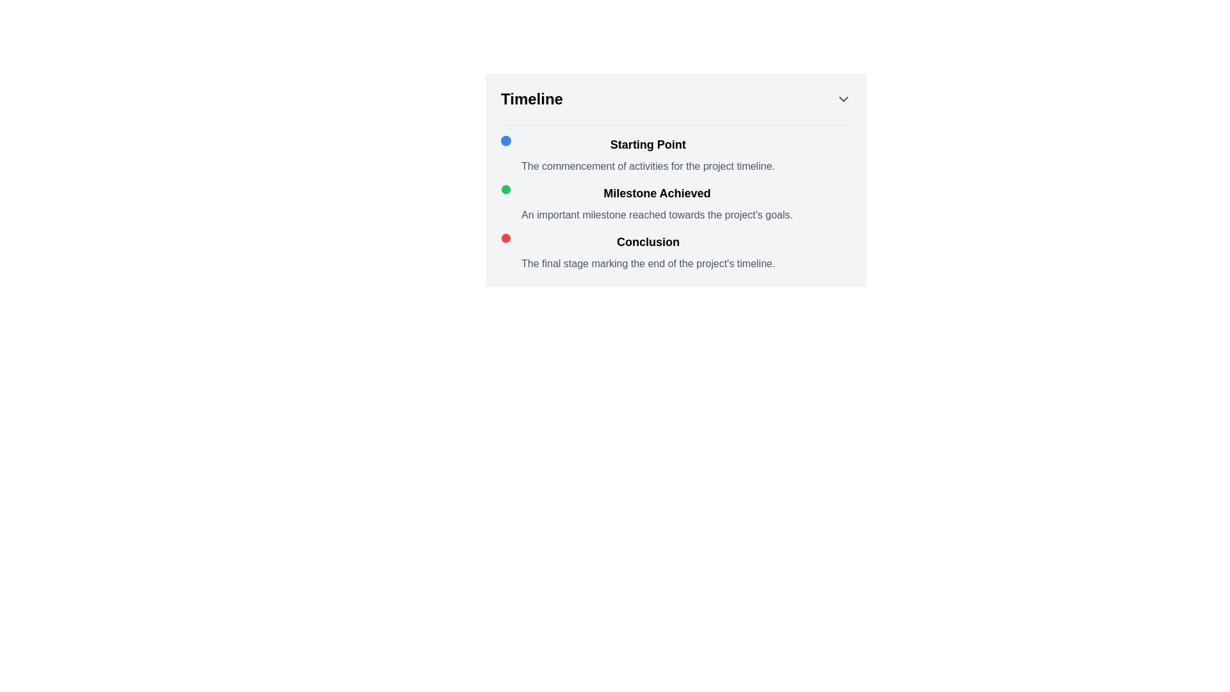  Describe the element at coordinates (648, 252) in the screenshot. I see `the Text Block that serves as a descriptive label for the project's conclusion stage, located at the bottom of the 'Timeline' section` at that location.